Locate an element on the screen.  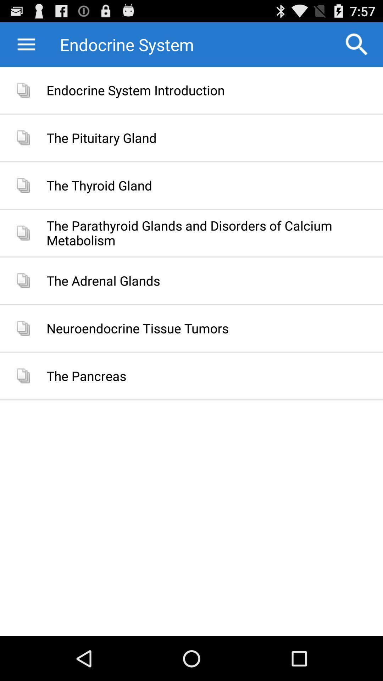
the last icon is located at coordinates (23, 376).